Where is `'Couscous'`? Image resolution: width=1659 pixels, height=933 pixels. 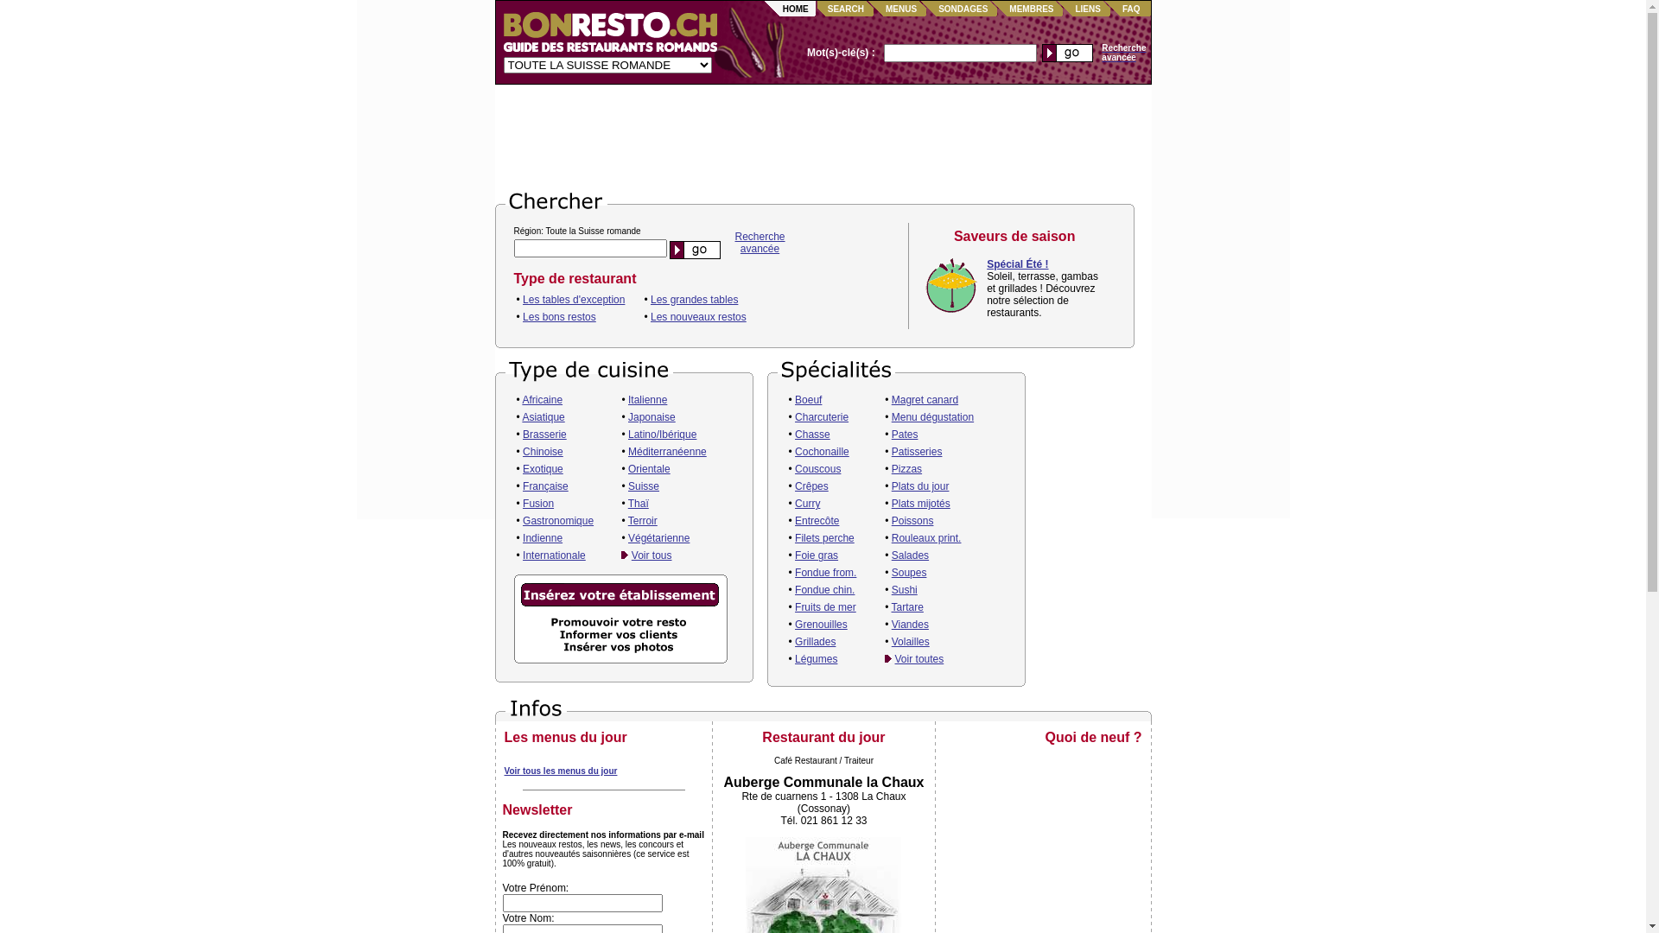 'Couscous' is located at coordinates (817, 469).